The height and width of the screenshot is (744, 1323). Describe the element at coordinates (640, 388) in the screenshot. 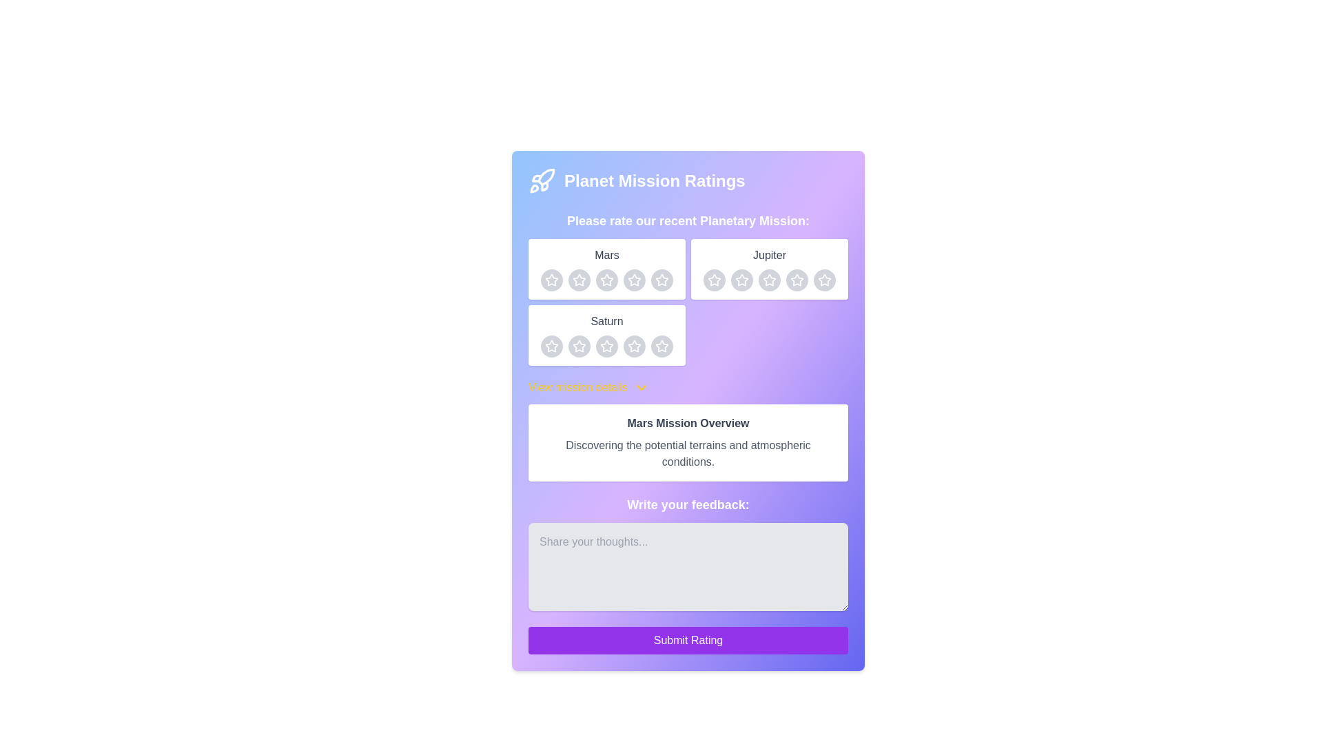

I see `the downward-pointing chevron icon located next to the text 'View mission details'` at that location.